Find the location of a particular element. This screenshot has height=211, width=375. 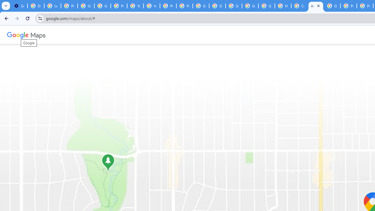

'Google Account Help' is located at coordinates (103, 6).